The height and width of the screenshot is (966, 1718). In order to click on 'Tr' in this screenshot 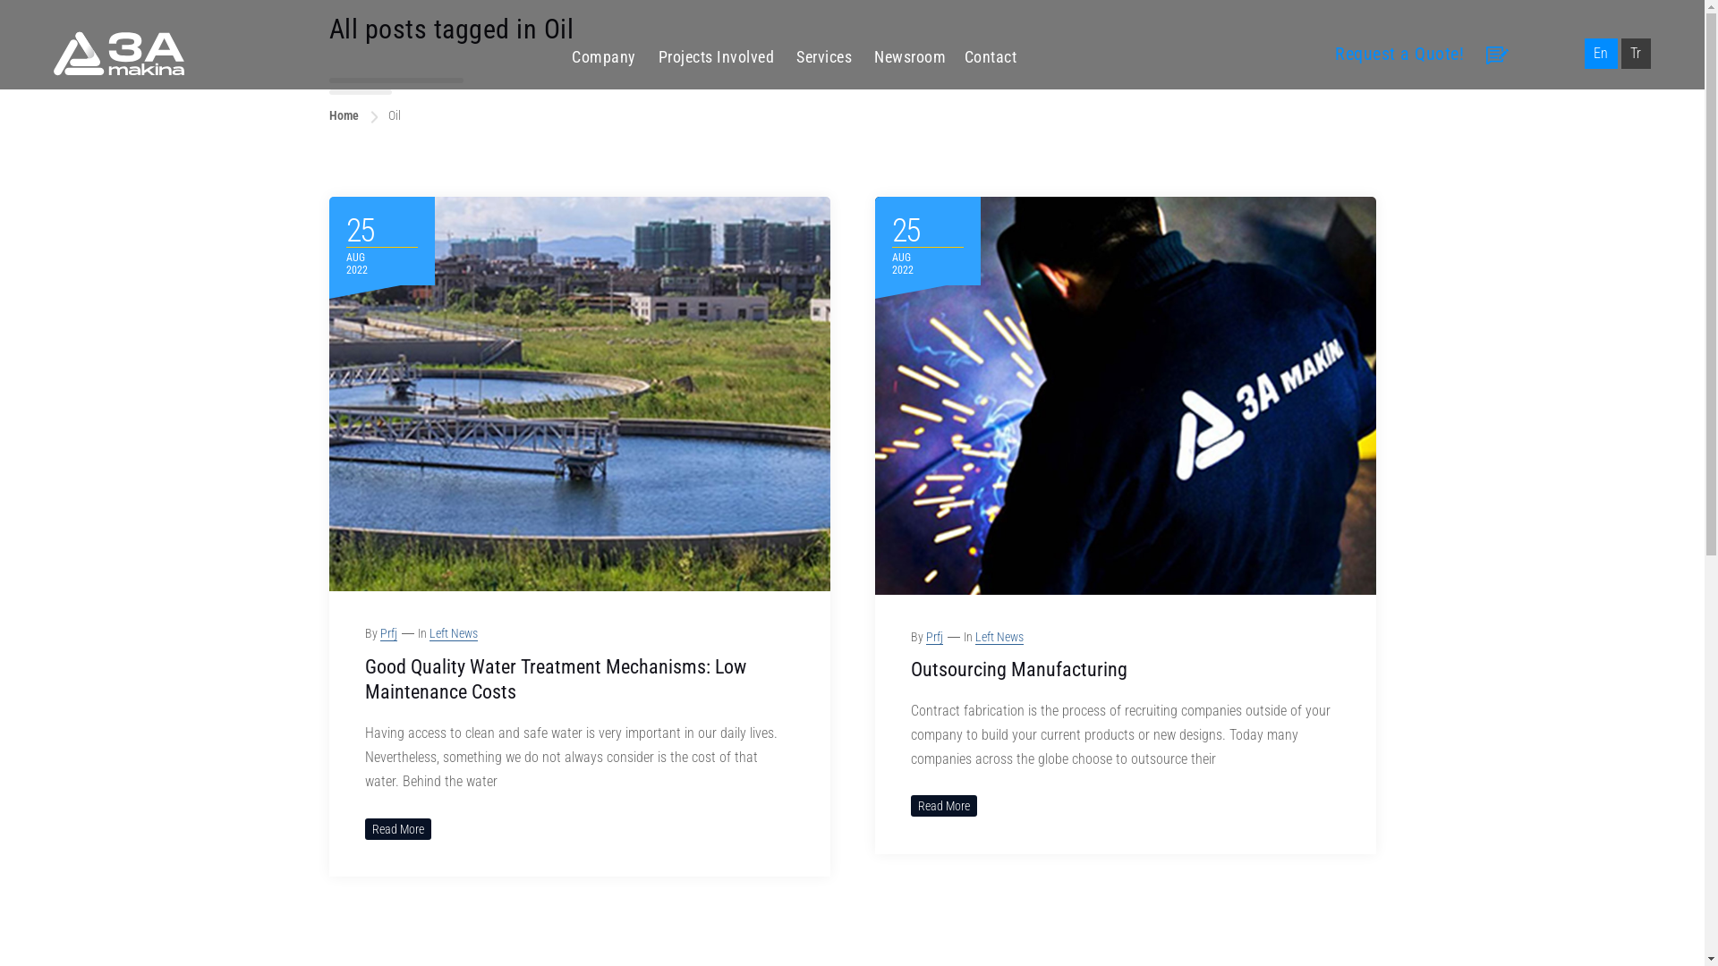, I will do `click(1636, 53)`.